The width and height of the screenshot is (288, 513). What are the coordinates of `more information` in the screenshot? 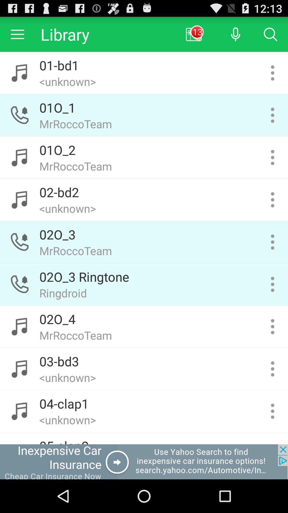 It's located at (273, 326).